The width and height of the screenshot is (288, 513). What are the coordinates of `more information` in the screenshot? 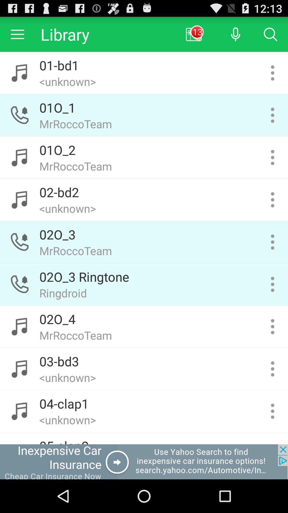 It's located at (273, 326).